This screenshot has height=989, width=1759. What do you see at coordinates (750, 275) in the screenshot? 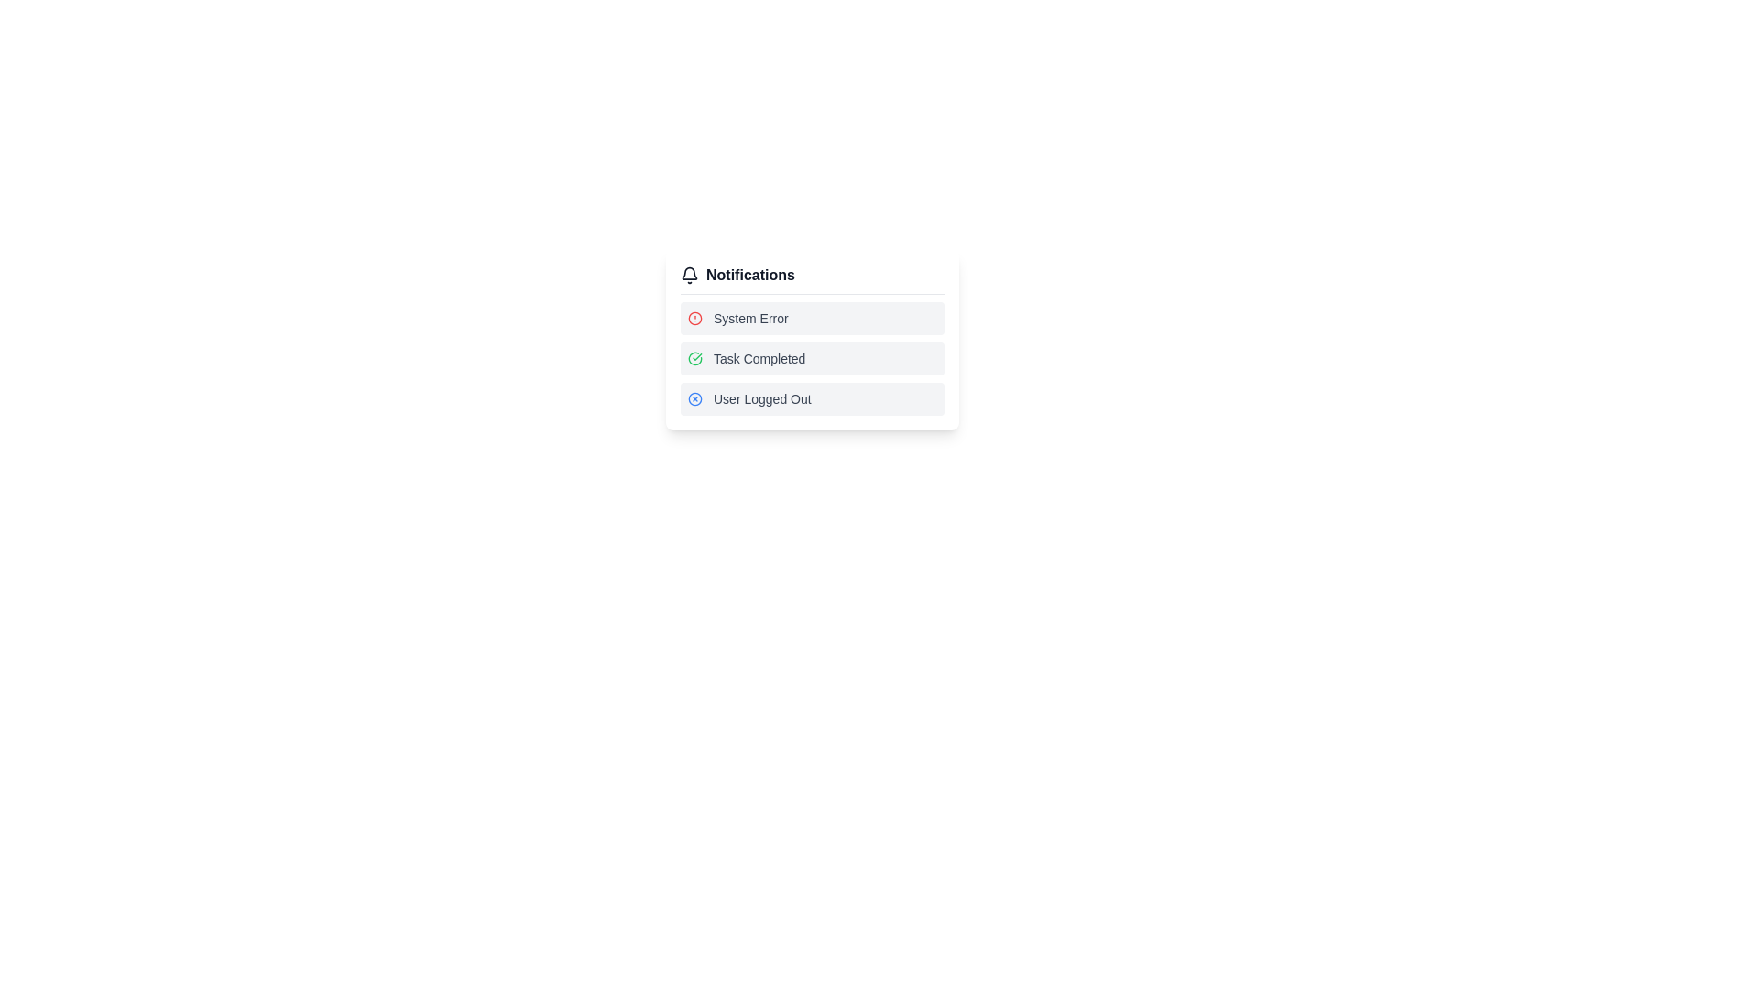
I see `label text which serves as a heading indicating the purpose of the notification section, located to the right of the bell icon at the top of the notification list` at bounding box center [750, 275].